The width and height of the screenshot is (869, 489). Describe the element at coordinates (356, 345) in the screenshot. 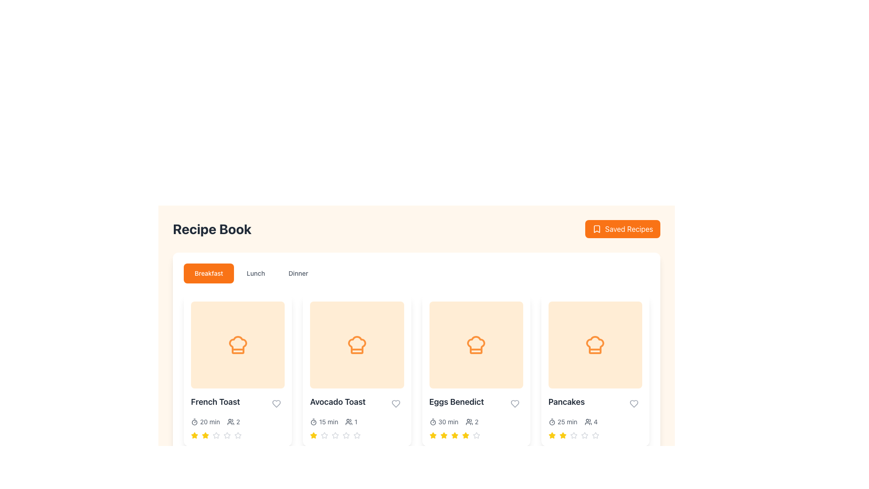

I see `the orange chef hat icon located in the second card under the 'Breakfast' tab of the 'Recipe Book' interface, labeled 'Avocado Toast', to trigger hover effects` at that location.